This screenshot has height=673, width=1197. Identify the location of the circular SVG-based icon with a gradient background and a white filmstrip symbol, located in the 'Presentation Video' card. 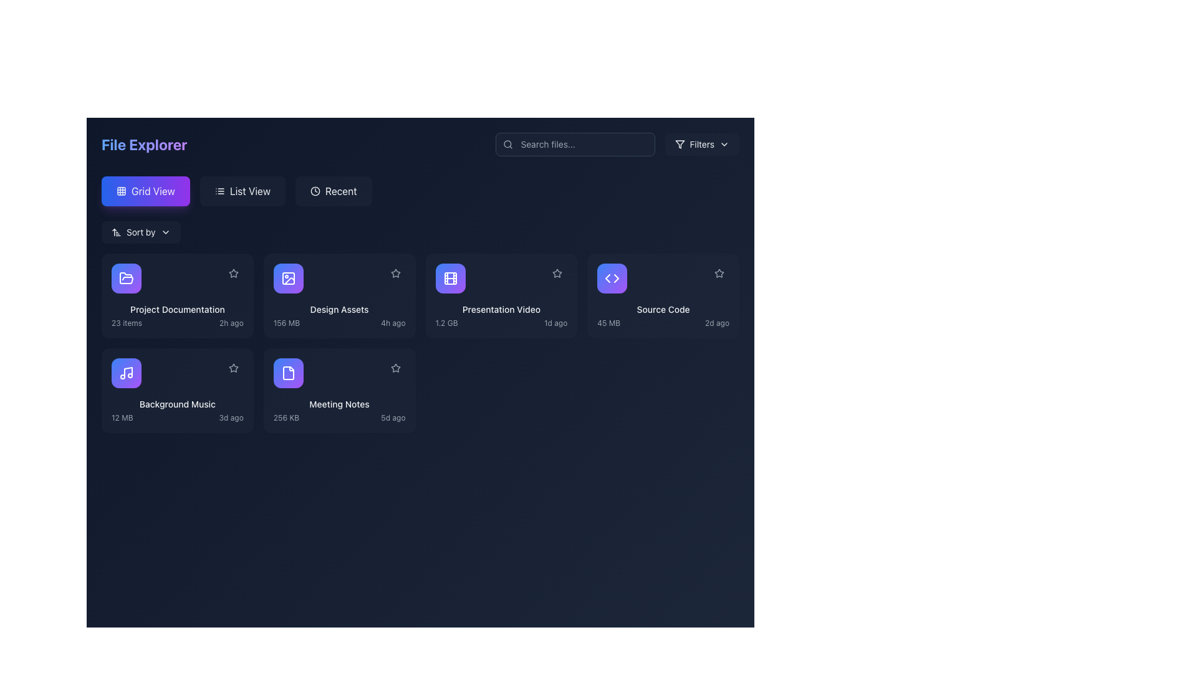
(449, 278).